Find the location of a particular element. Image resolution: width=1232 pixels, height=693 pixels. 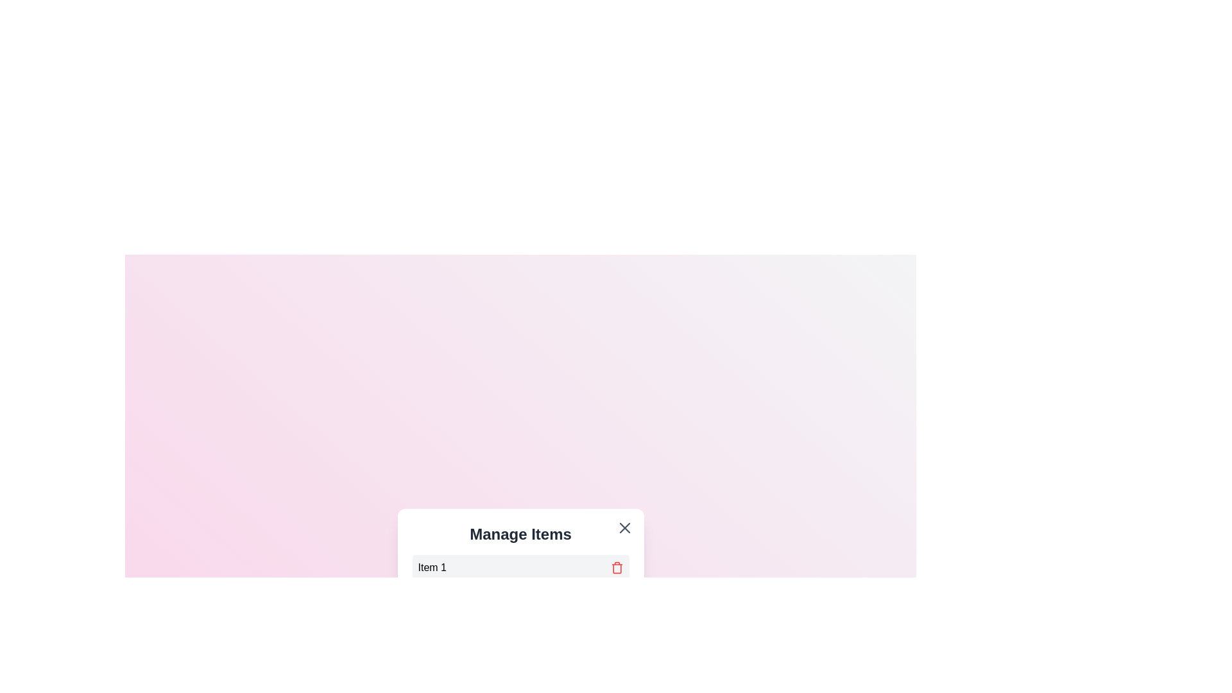

the trash icon next to the item Item 1 to delete it is located at coordinates (617, 567).